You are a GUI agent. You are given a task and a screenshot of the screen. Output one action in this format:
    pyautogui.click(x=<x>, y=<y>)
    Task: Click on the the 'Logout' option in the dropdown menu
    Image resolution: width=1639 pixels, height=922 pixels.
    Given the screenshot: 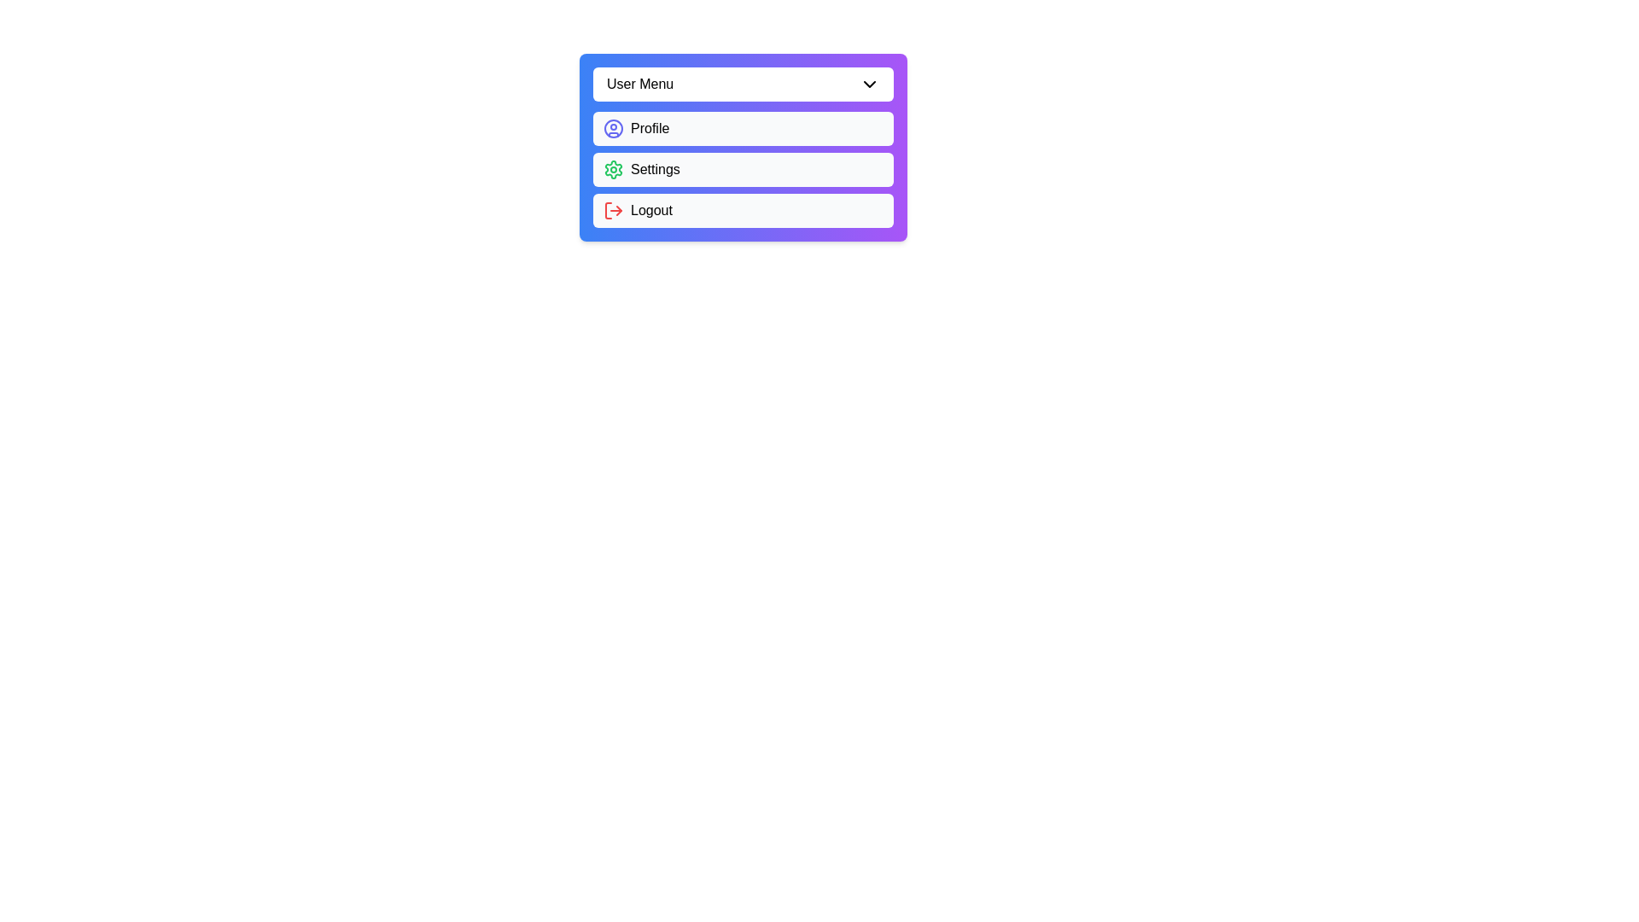 What is the action you would take?
    pyautogui.click(x=743, y=209)
    